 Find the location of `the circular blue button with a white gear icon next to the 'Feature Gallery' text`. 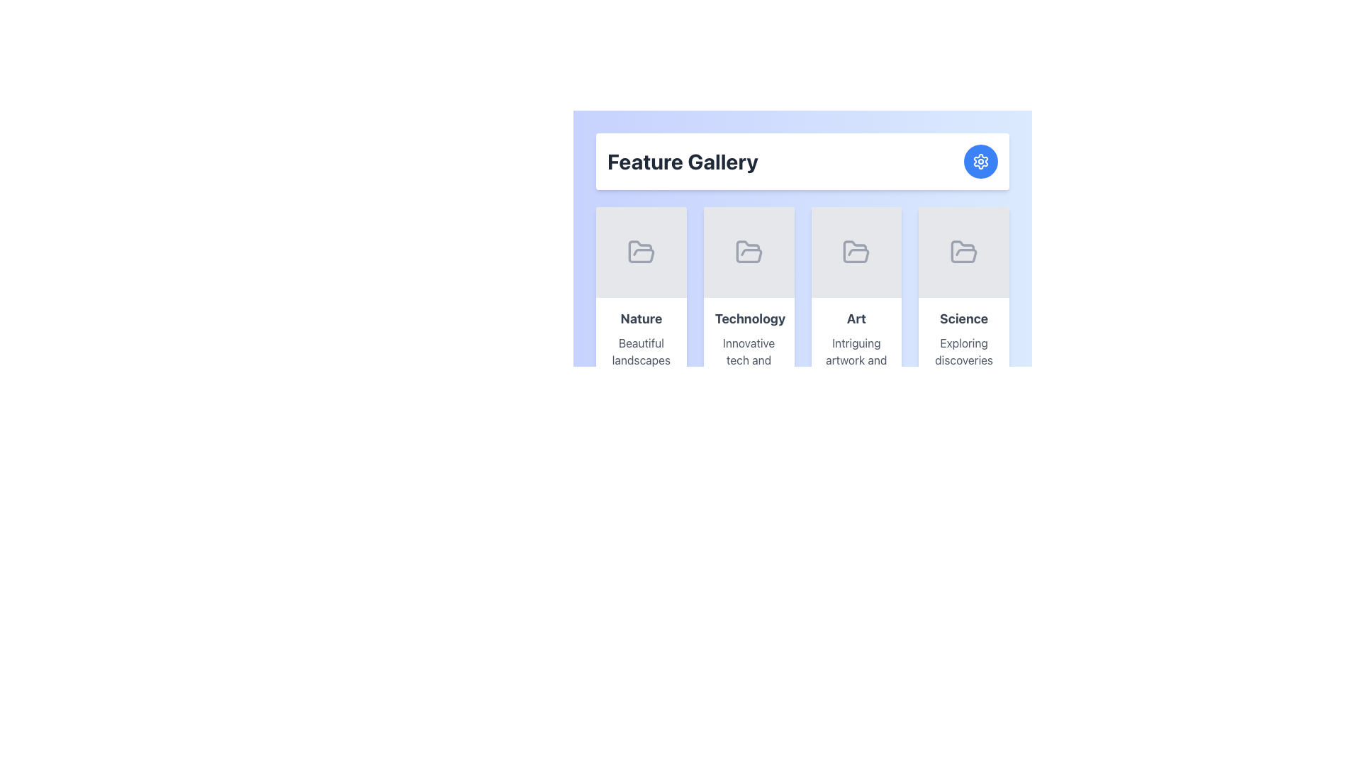

the circular blue button with a white gear icon next to the 'Feature Gallery' text is located at coordinates (980, 160).